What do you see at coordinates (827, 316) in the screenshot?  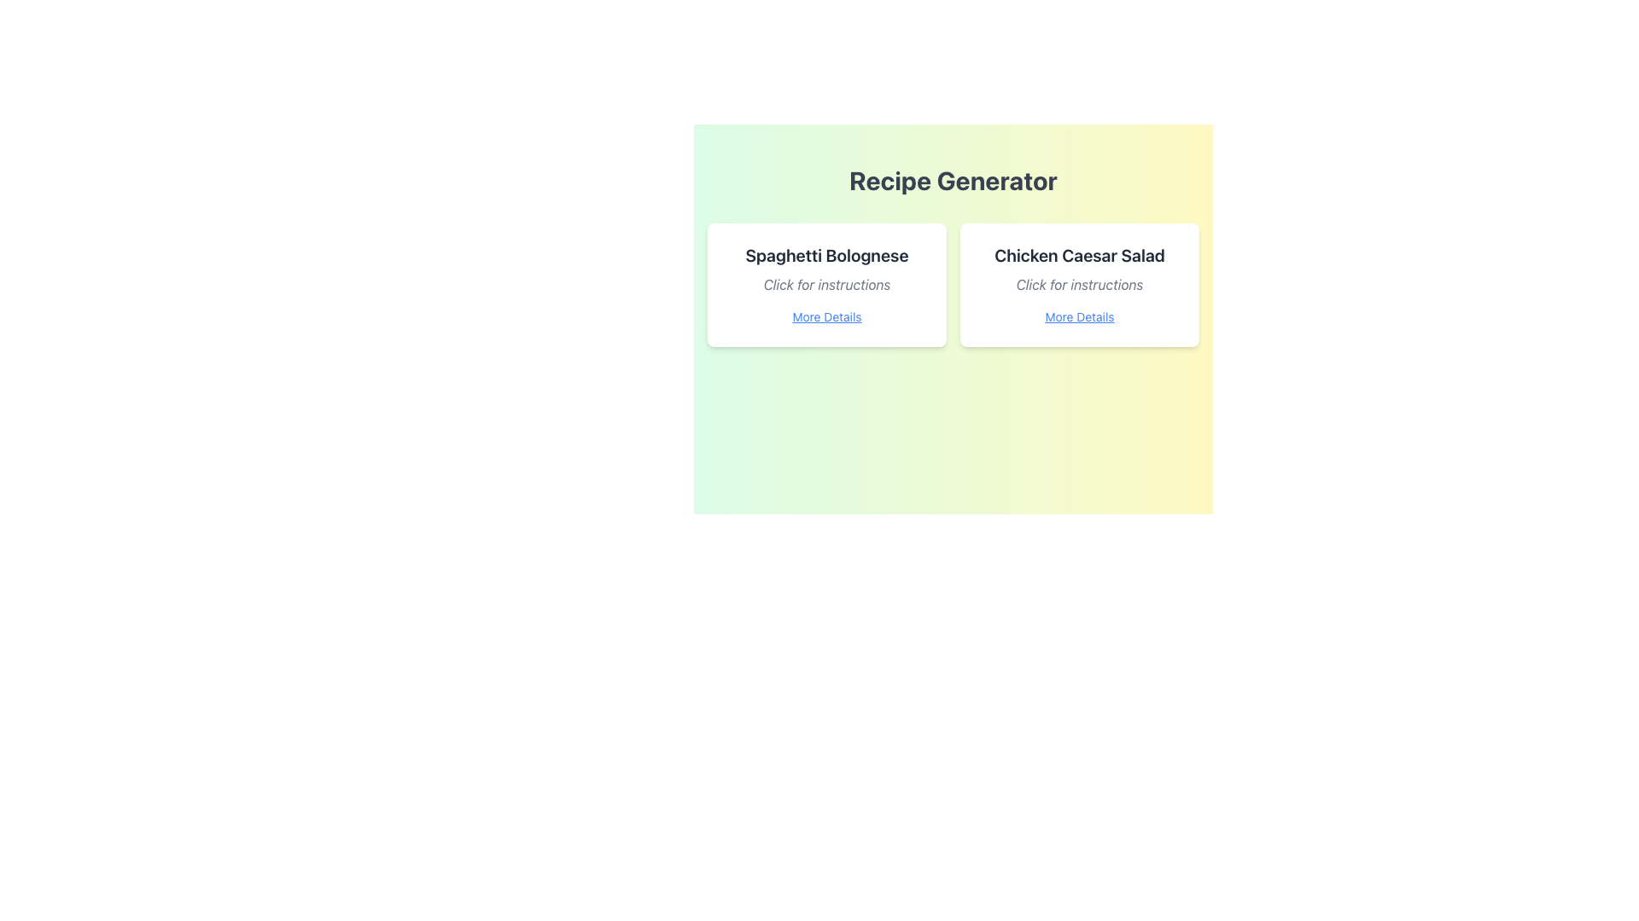 I see `the text link labeled 'More Details' which is underlined and displayed in blue font, positioned below 'Click for instructions' in the recipe card for 'Spaghetti Bolognese'` at bounding box center [827, 316].